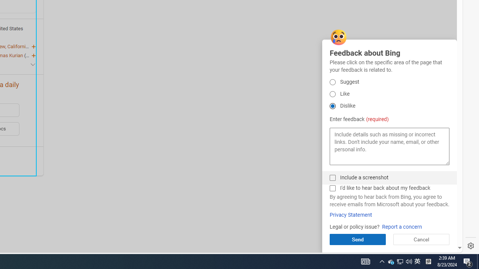 The width and height of the screenshot is (479, 269). Describe the element at coordinates (350, 215) in the screenshot. I see `'Privacy Statement'` at that location.